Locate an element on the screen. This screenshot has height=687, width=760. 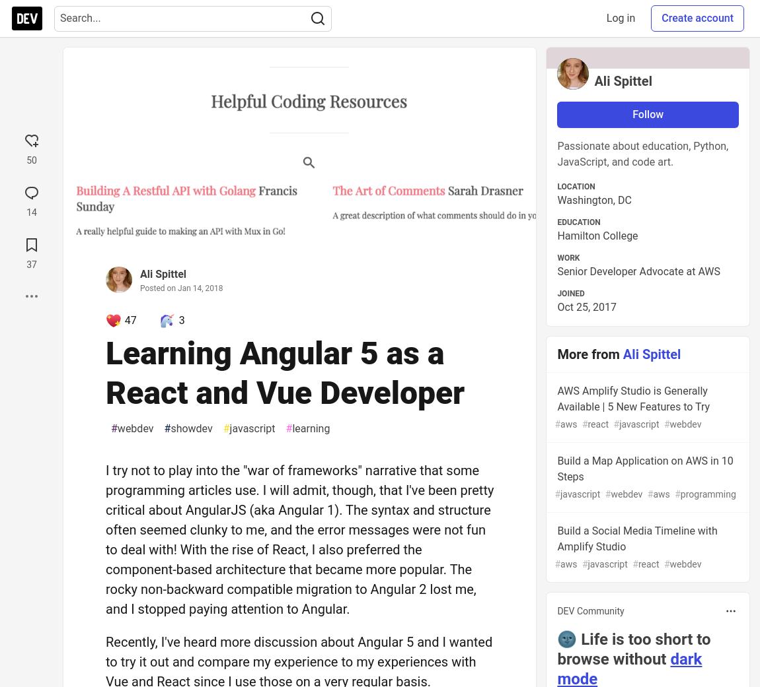
'50' is located at coordinates (30, 159).